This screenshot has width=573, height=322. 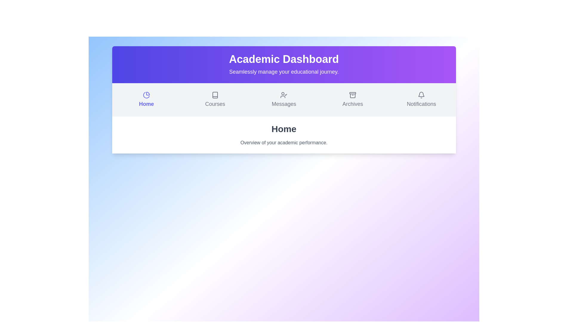 What do you see at coordinates (215, 100) in the screenshot?
I see `the Courses section from the menu` at bounding box center [215, 100].